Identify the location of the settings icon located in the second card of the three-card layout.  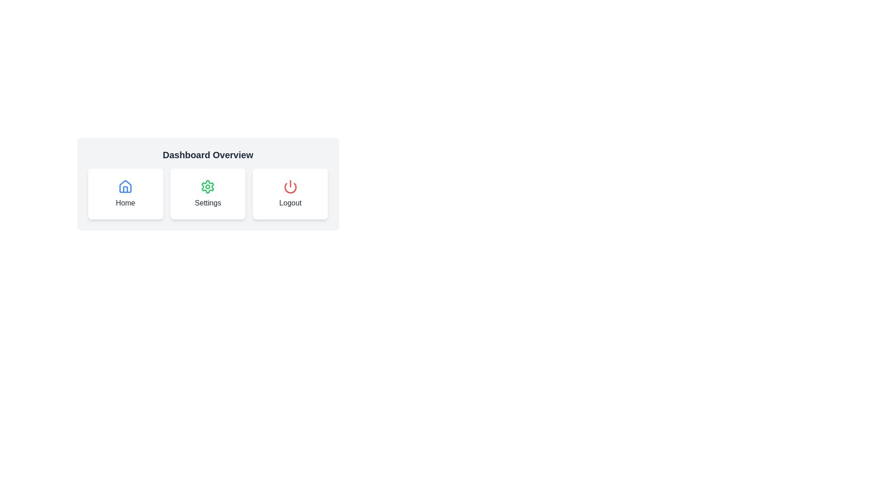
(207, 186).